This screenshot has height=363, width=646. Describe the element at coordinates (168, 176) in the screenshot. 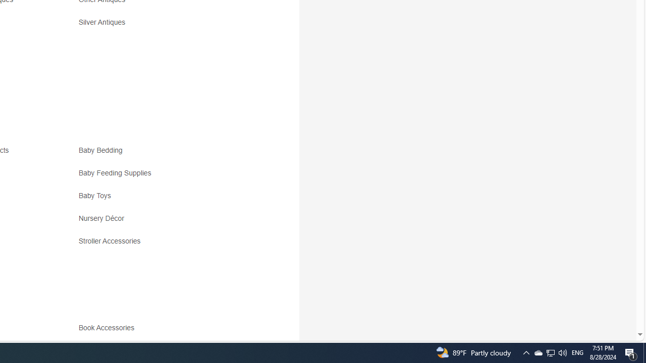

I see `'Baby Feeding Supplies'` at that location.